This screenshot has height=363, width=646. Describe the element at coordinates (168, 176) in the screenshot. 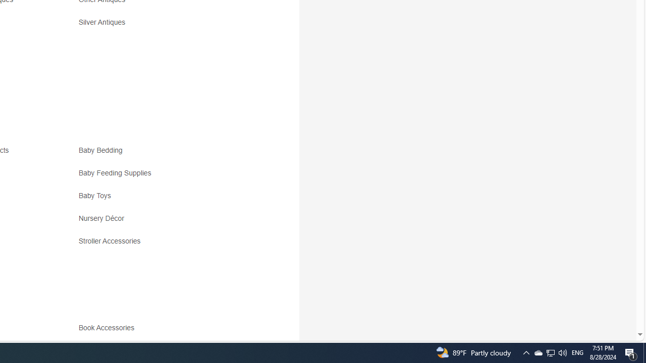

I see `'Baby Feeding Supplies'` at that location.